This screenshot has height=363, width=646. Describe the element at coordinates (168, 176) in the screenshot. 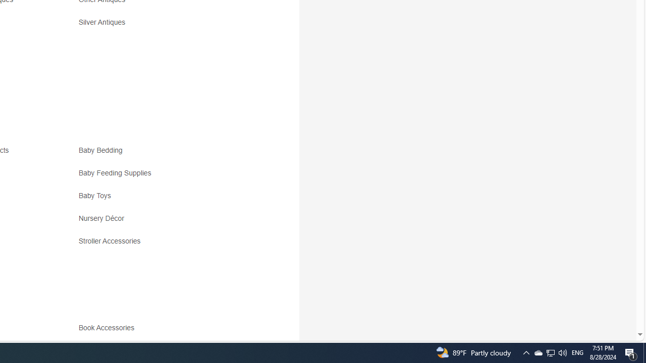

I see `'Baby Feeding Supplies'` at that location.